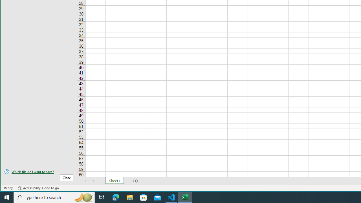 The image size is (361, 203). Describe the element at coordinates (171, 197) in the screenshot. I see `'Visual Studio Code - 1 running window'` at that location.